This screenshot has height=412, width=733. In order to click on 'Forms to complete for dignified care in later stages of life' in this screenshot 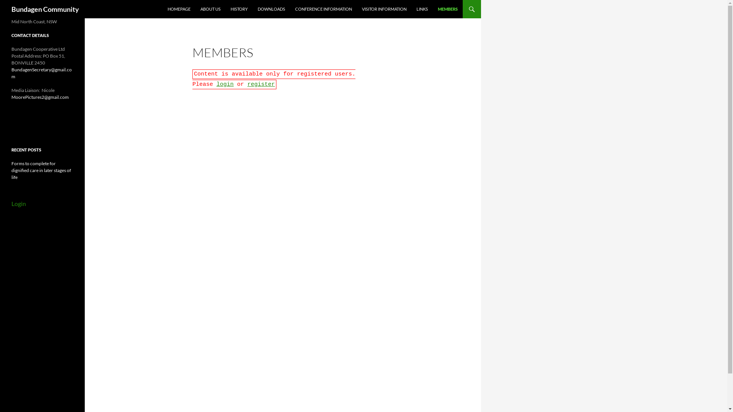, I will do `click(11, 170)`.